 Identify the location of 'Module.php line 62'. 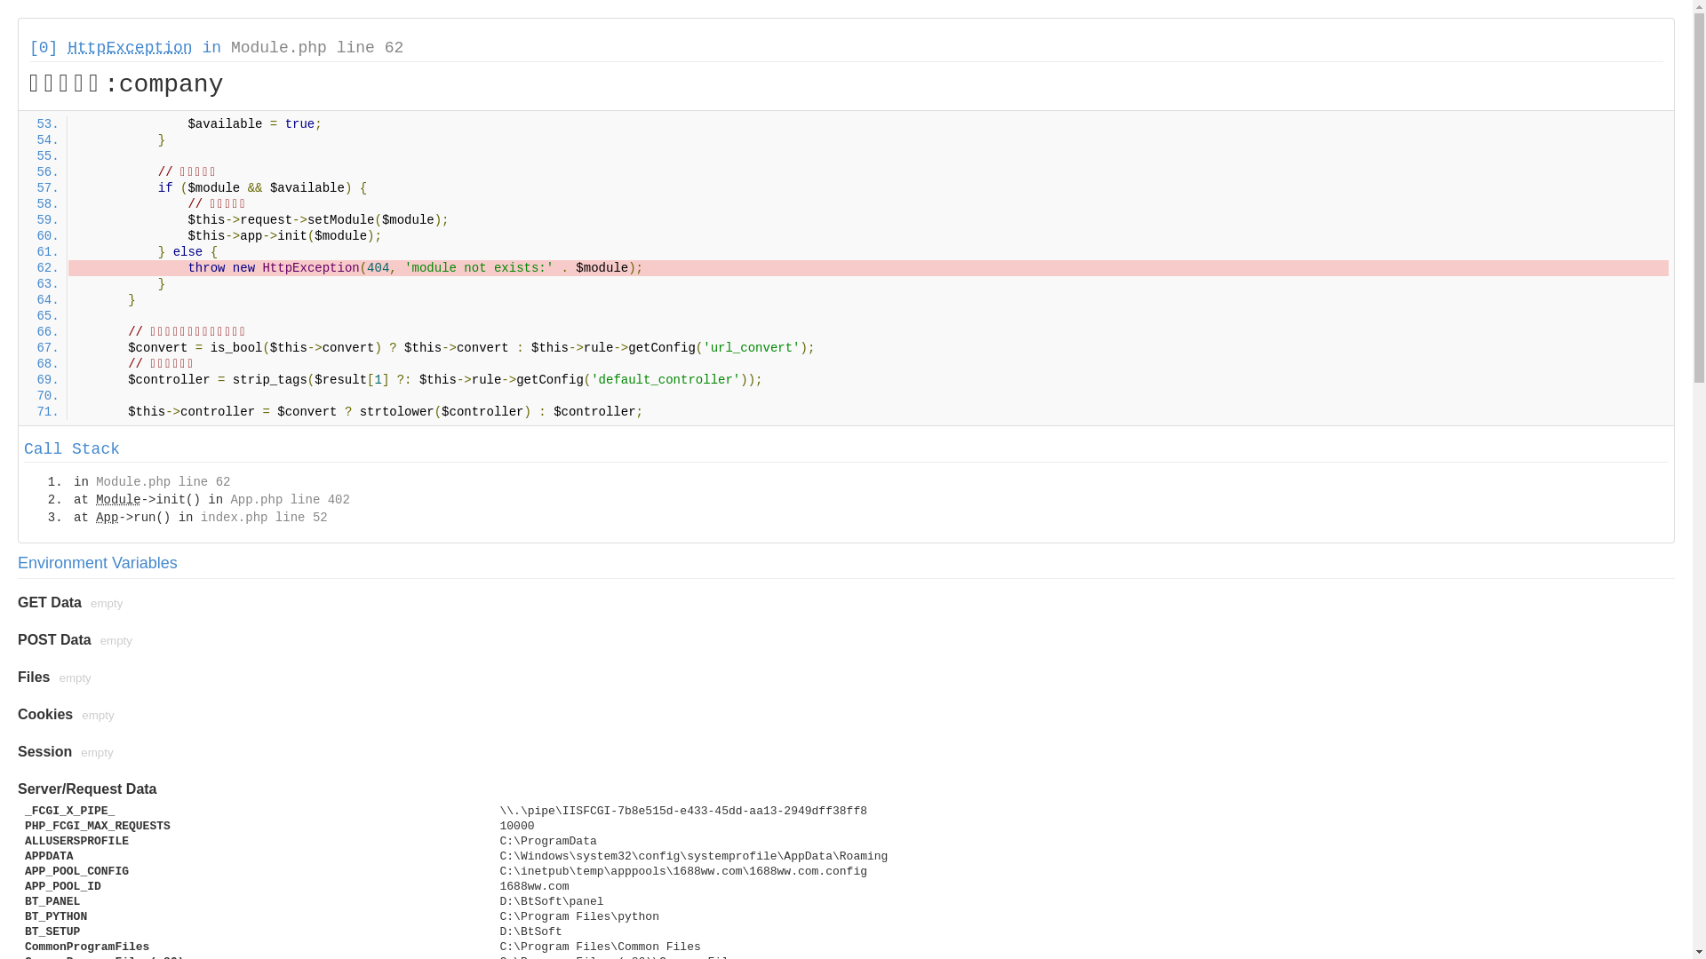
(229, 47).